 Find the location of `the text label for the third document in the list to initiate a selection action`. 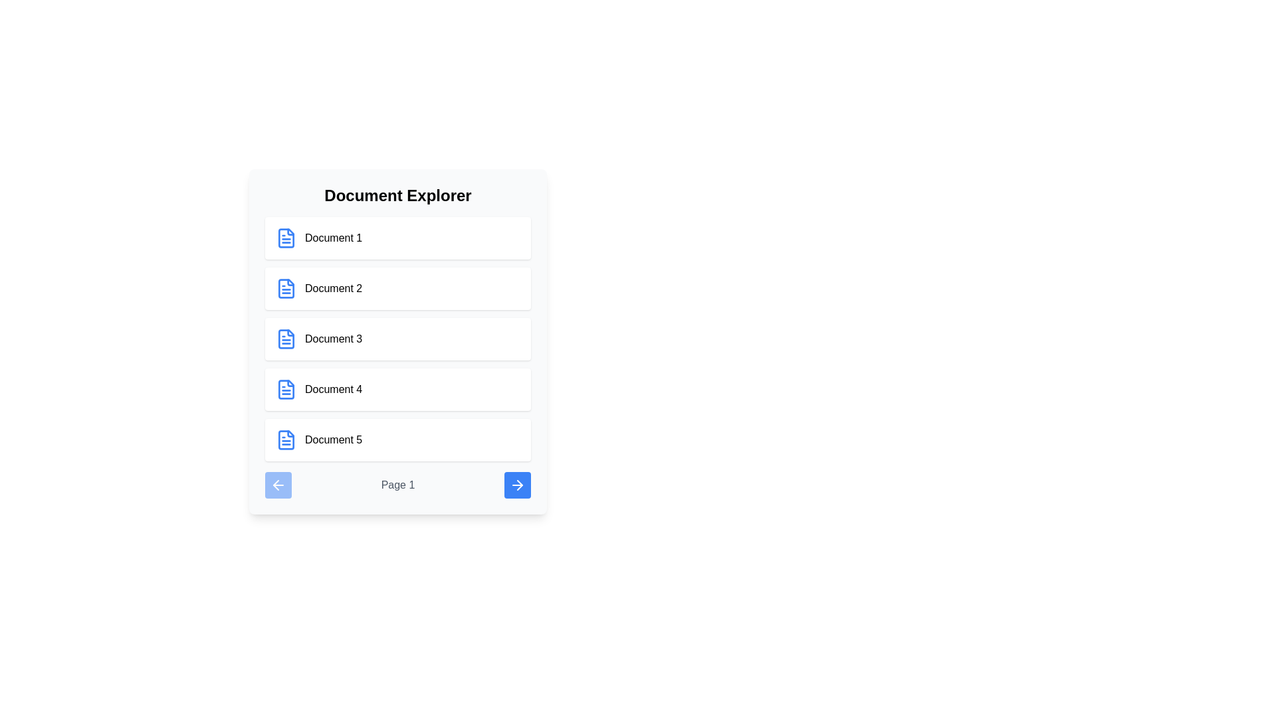

the text label for the third document in the list to initiate a selection action is located at coordinates (334, 338).